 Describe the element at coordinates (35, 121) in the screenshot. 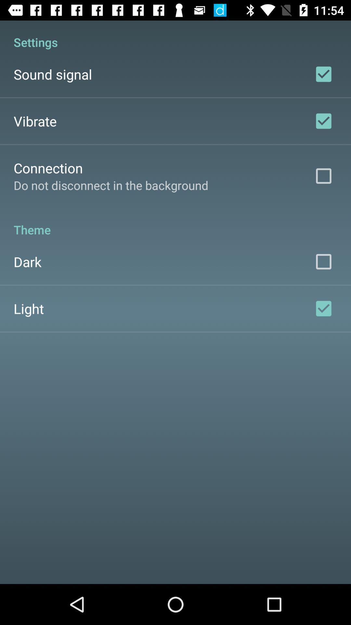

I see `vibrate item` at that location.